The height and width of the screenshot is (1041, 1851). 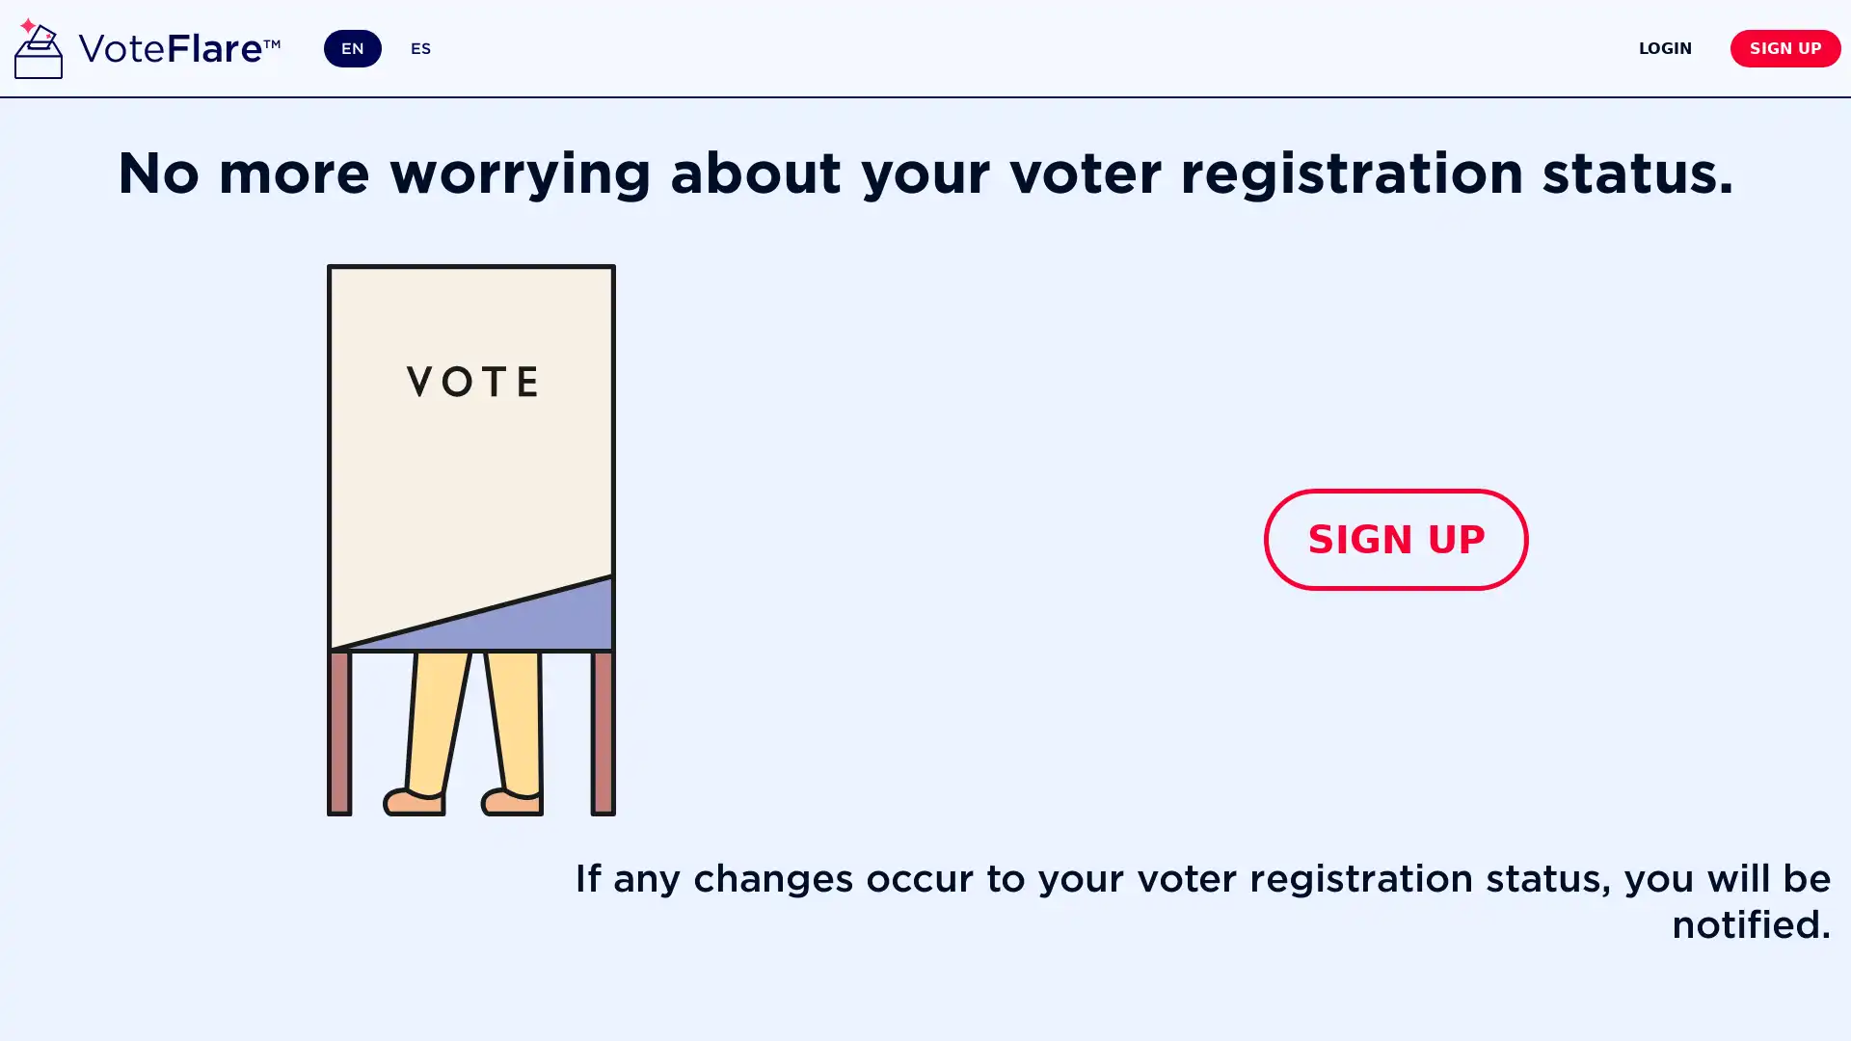 I want to click on SIGN UP, so click(x=1396, y=539).